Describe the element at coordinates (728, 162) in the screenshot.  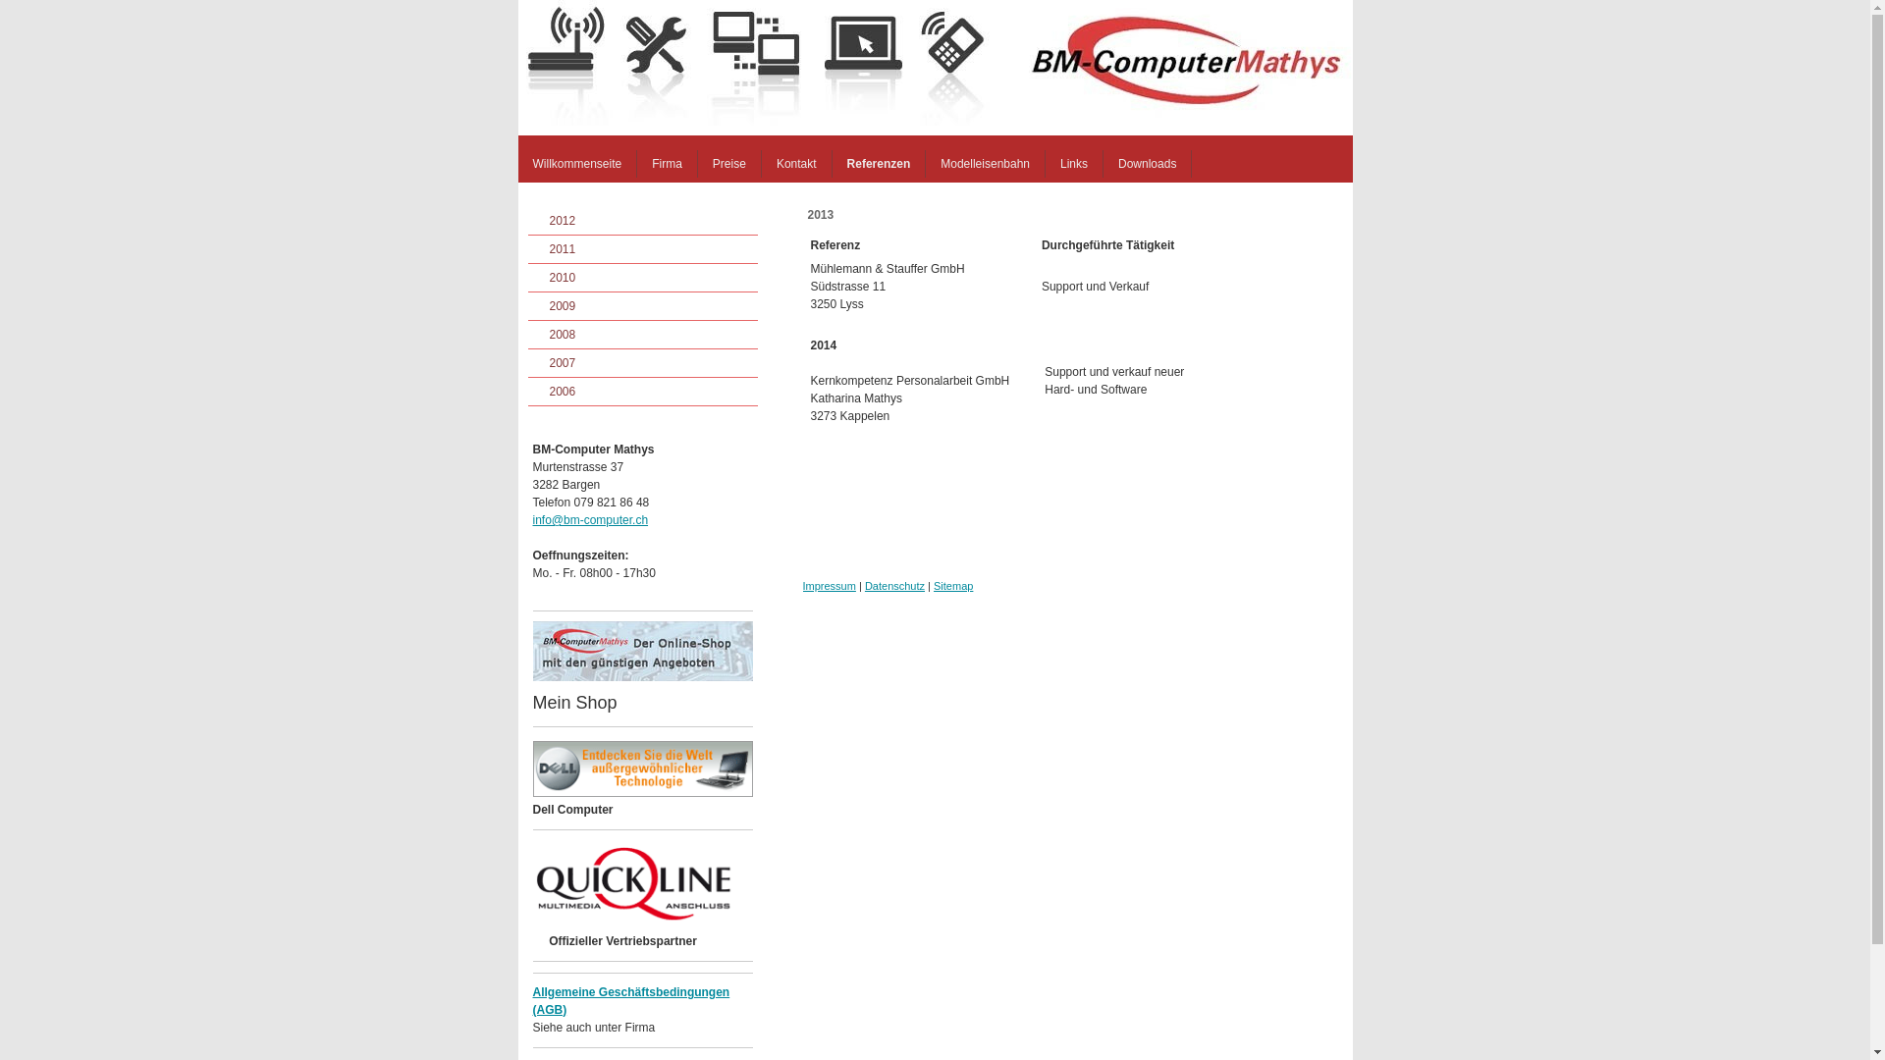
I see `'Preise'` at that location.